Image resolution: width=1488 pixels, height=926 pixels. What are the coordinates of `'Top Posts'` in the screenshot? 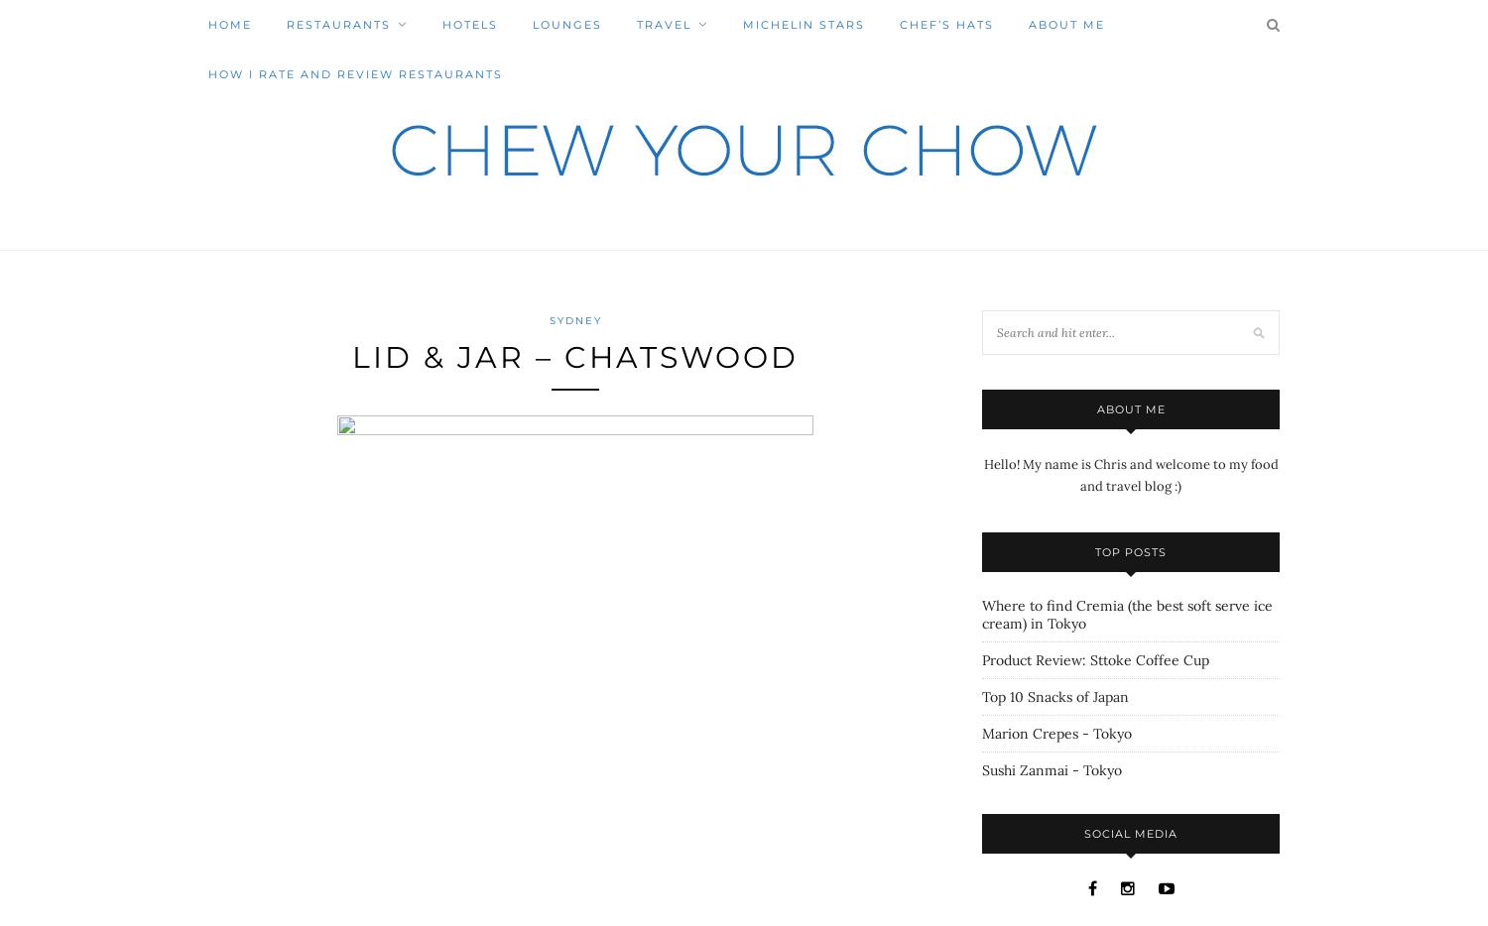 It's located at (1094, 552).